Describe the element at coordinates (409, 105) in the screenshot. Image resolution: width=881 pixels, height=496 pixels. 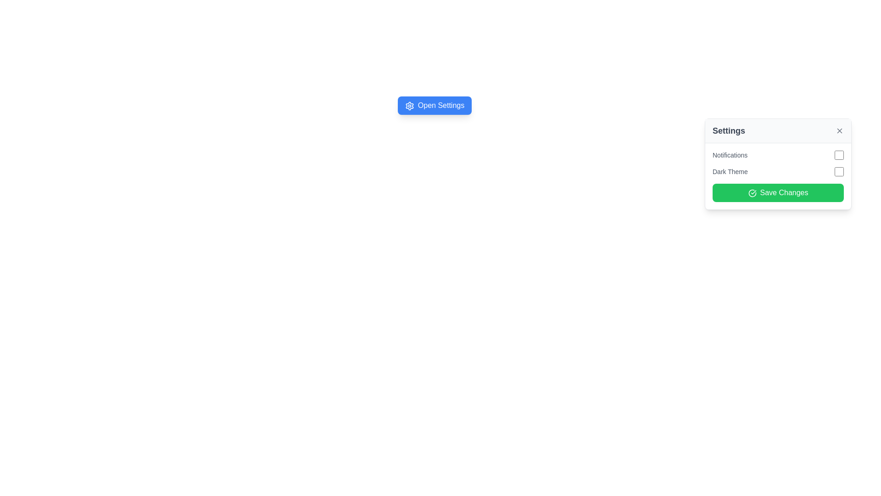
I see `the gear-shaped icon associated with the 'Open Settings' button, which has a transparent background and a thin outline against a blue background` at that location.